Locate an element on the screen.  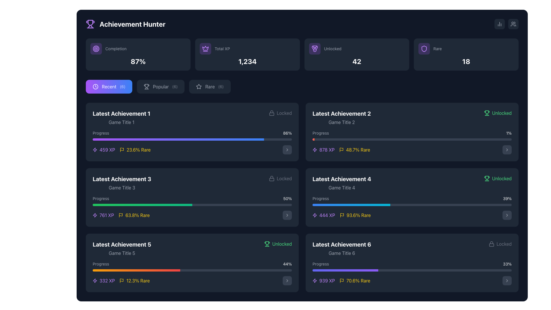
the Label with an icon displaying the experience points (XP) associated with an achievement, located in the bottom-right section under 'Latest Achievement 6' is located at coordinates (324, 280).